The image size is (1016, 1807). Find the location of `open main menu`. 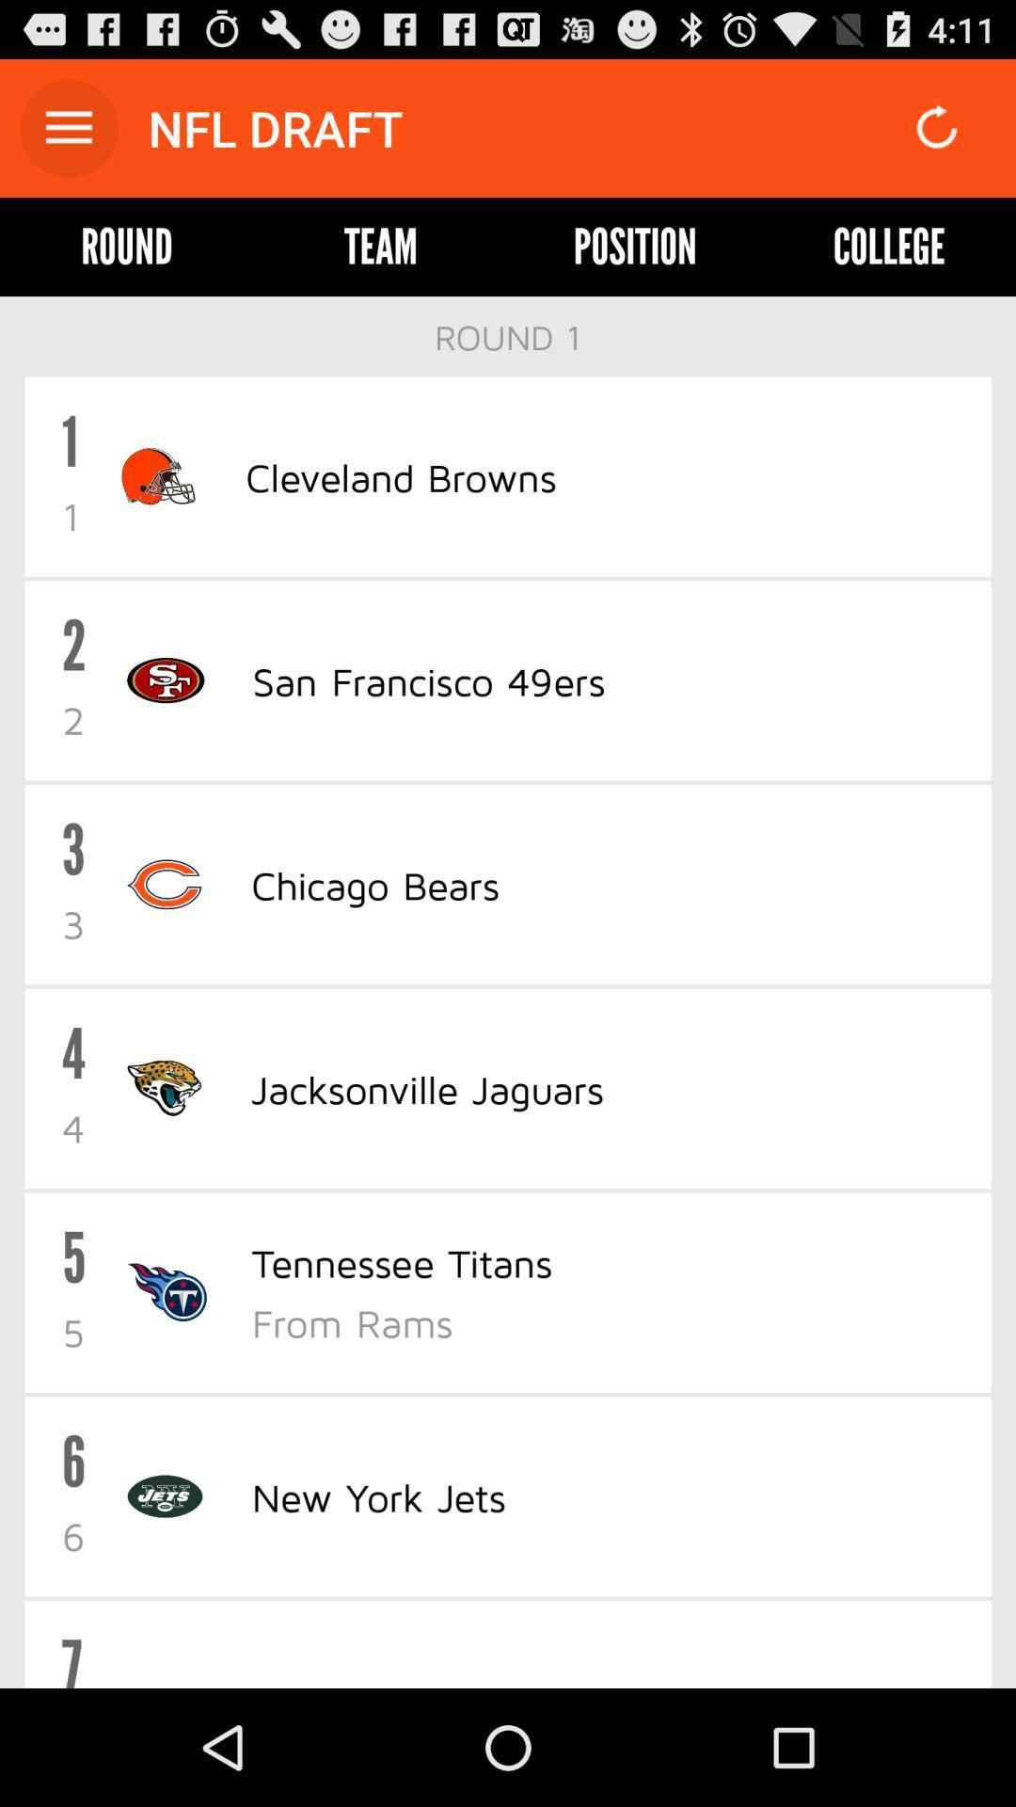

open main menu is located at coordinates (68, 127).